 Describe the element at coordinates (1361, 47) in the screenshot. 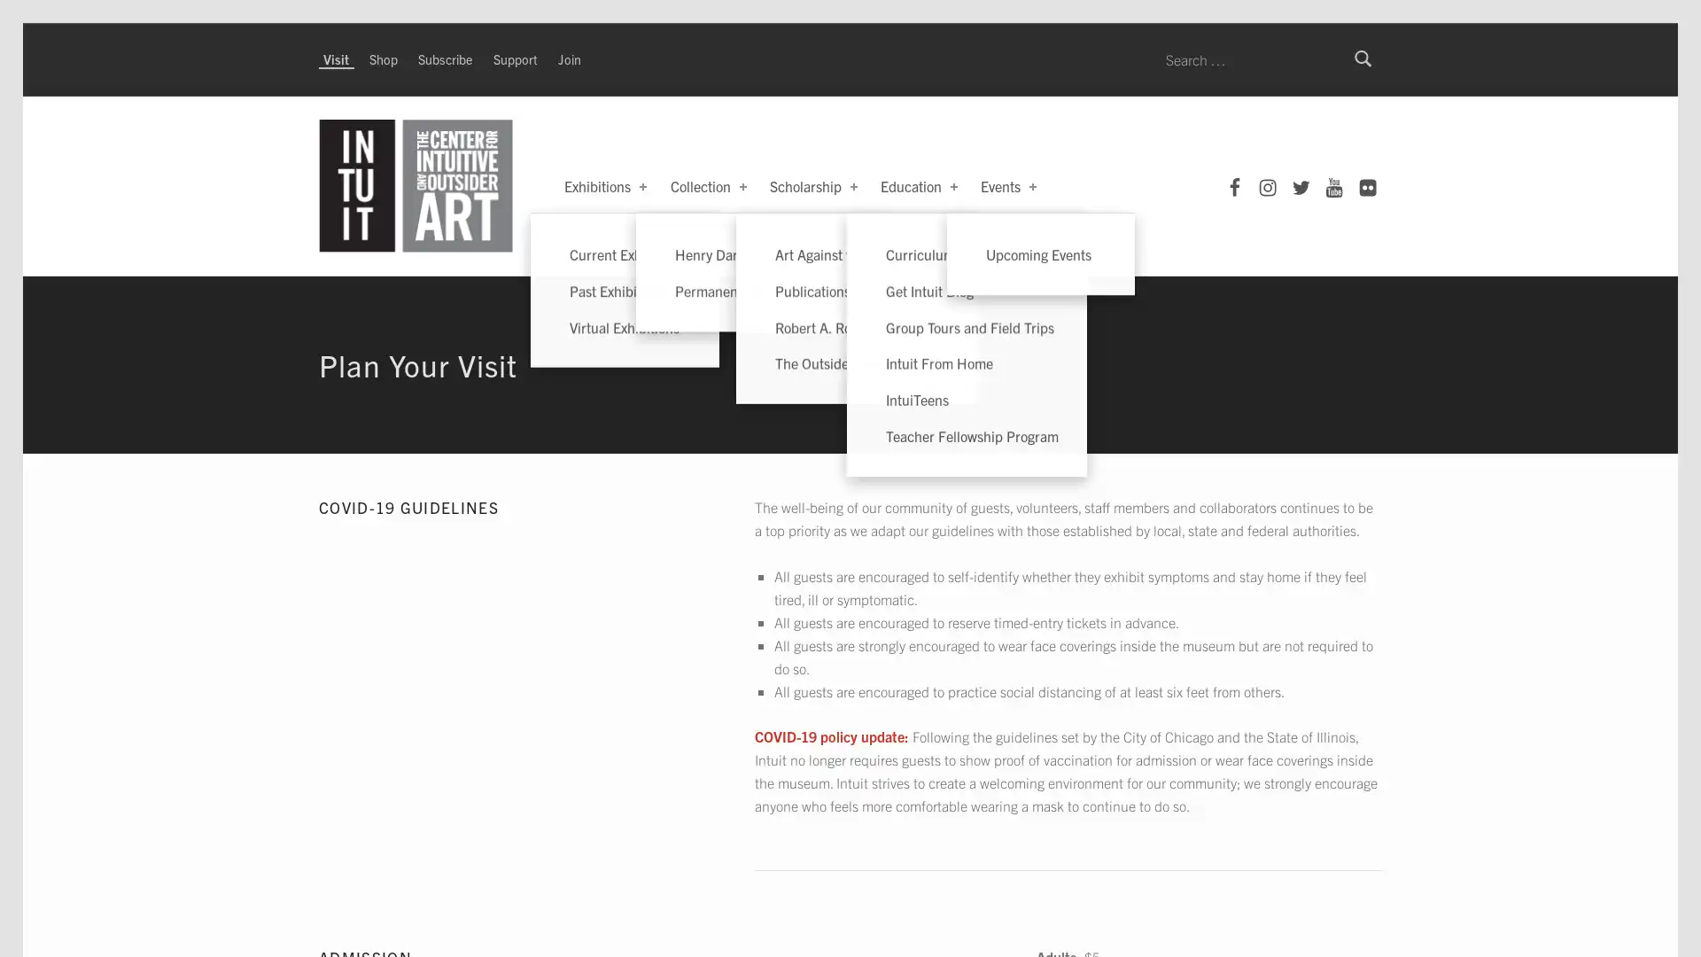

I see `Search` at that location.